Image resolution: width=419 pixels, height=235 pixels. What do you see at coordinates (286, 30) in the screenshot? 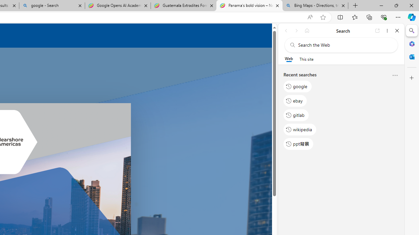
I see `'Back'` at bounding box center [286, 30].